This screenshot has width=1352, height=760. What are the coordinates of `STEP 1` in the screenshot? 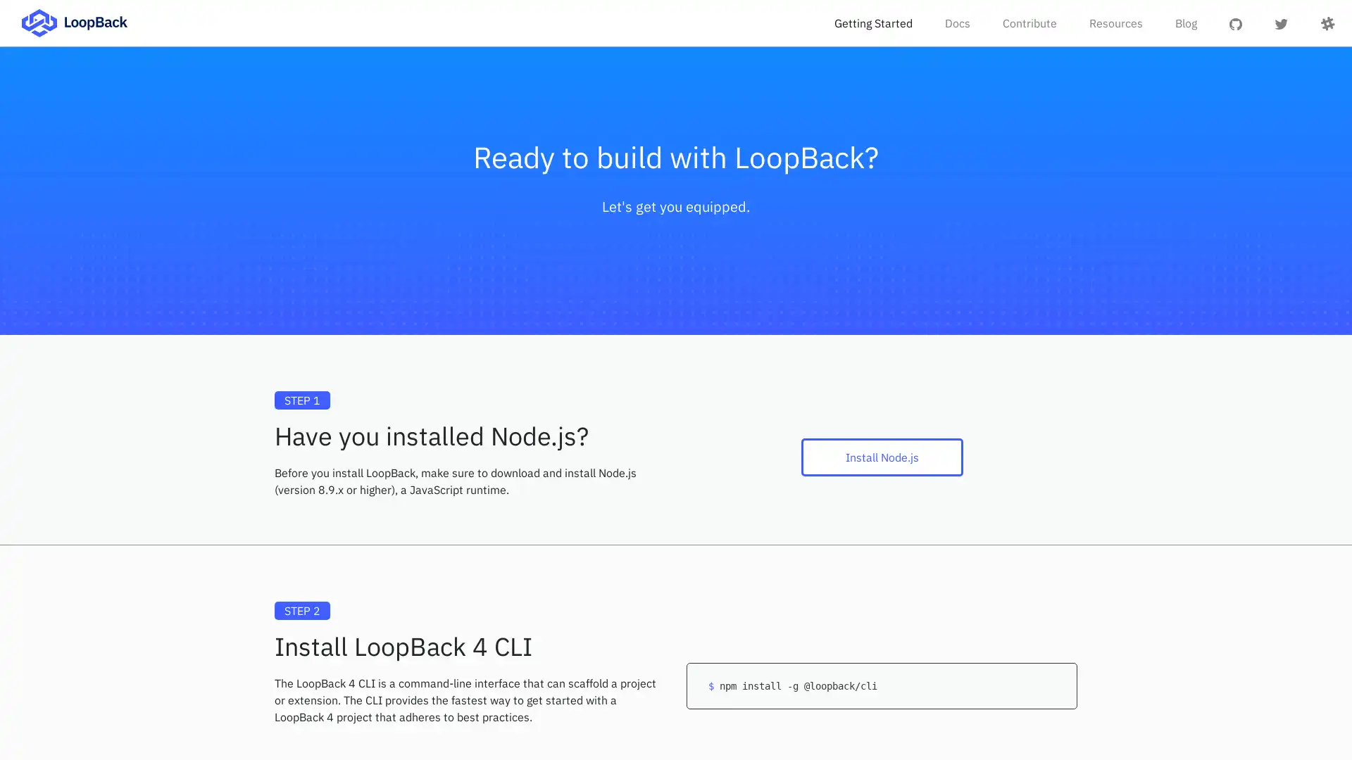 It's located at (301, 400).